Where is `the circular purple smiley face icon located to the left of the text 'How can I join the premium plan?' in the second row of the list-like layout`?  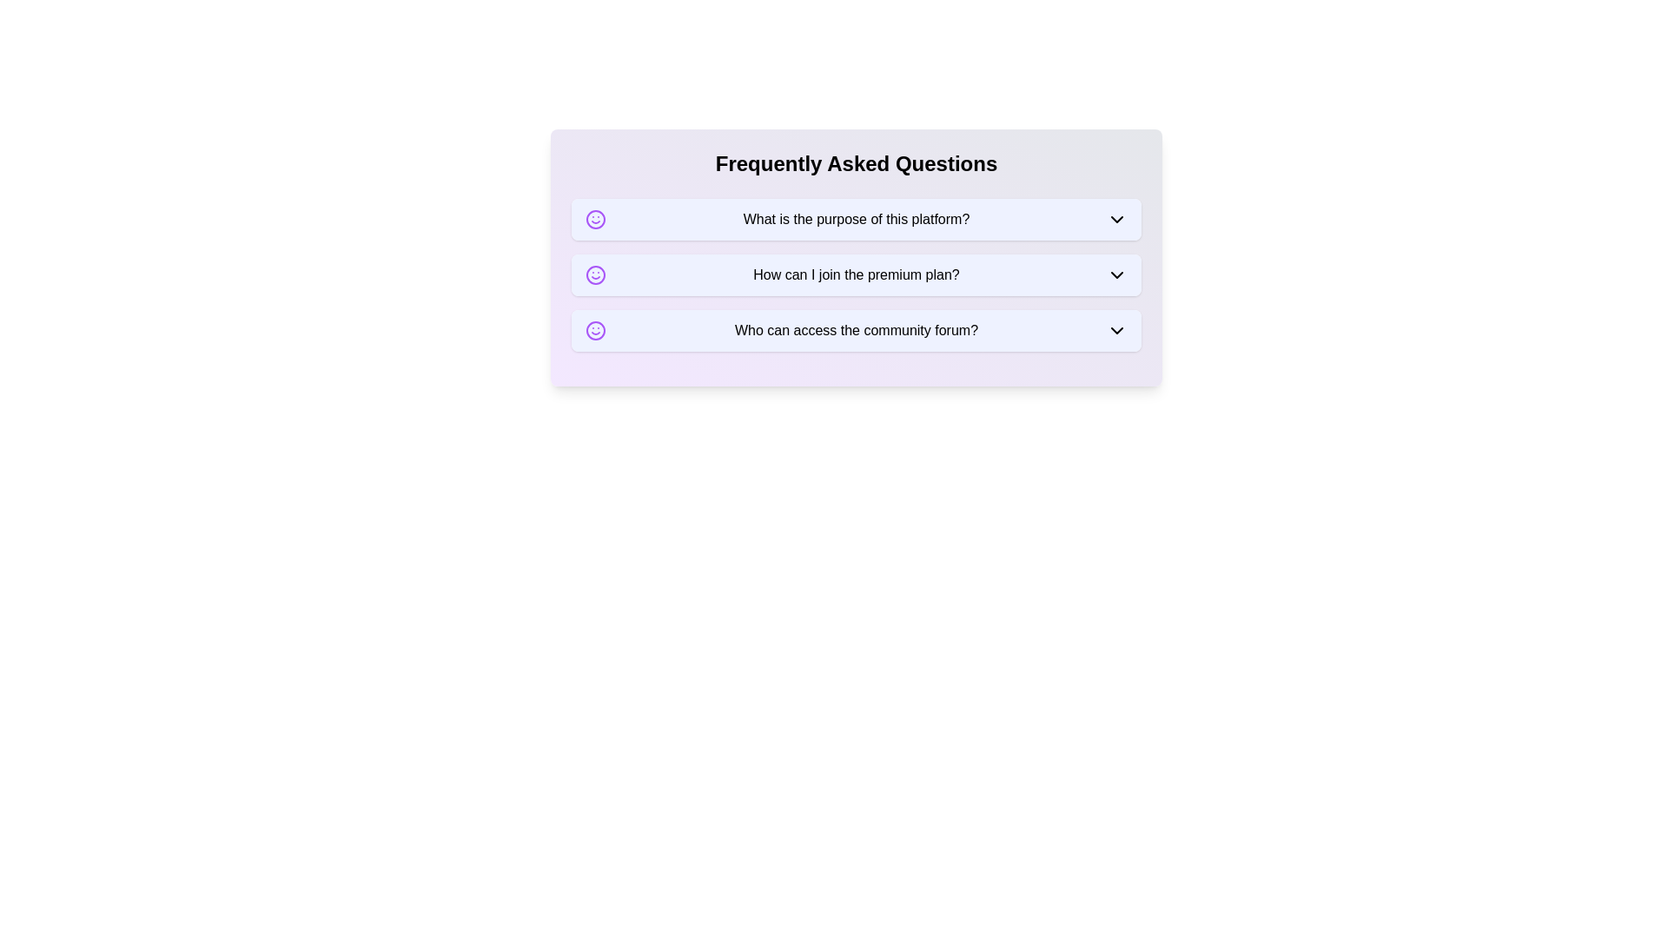
the circular purple smiley face icon located to the left of the text 'How can I join the premium plan?' in the second row of the list-like layout is located at coordinates (596, 274).